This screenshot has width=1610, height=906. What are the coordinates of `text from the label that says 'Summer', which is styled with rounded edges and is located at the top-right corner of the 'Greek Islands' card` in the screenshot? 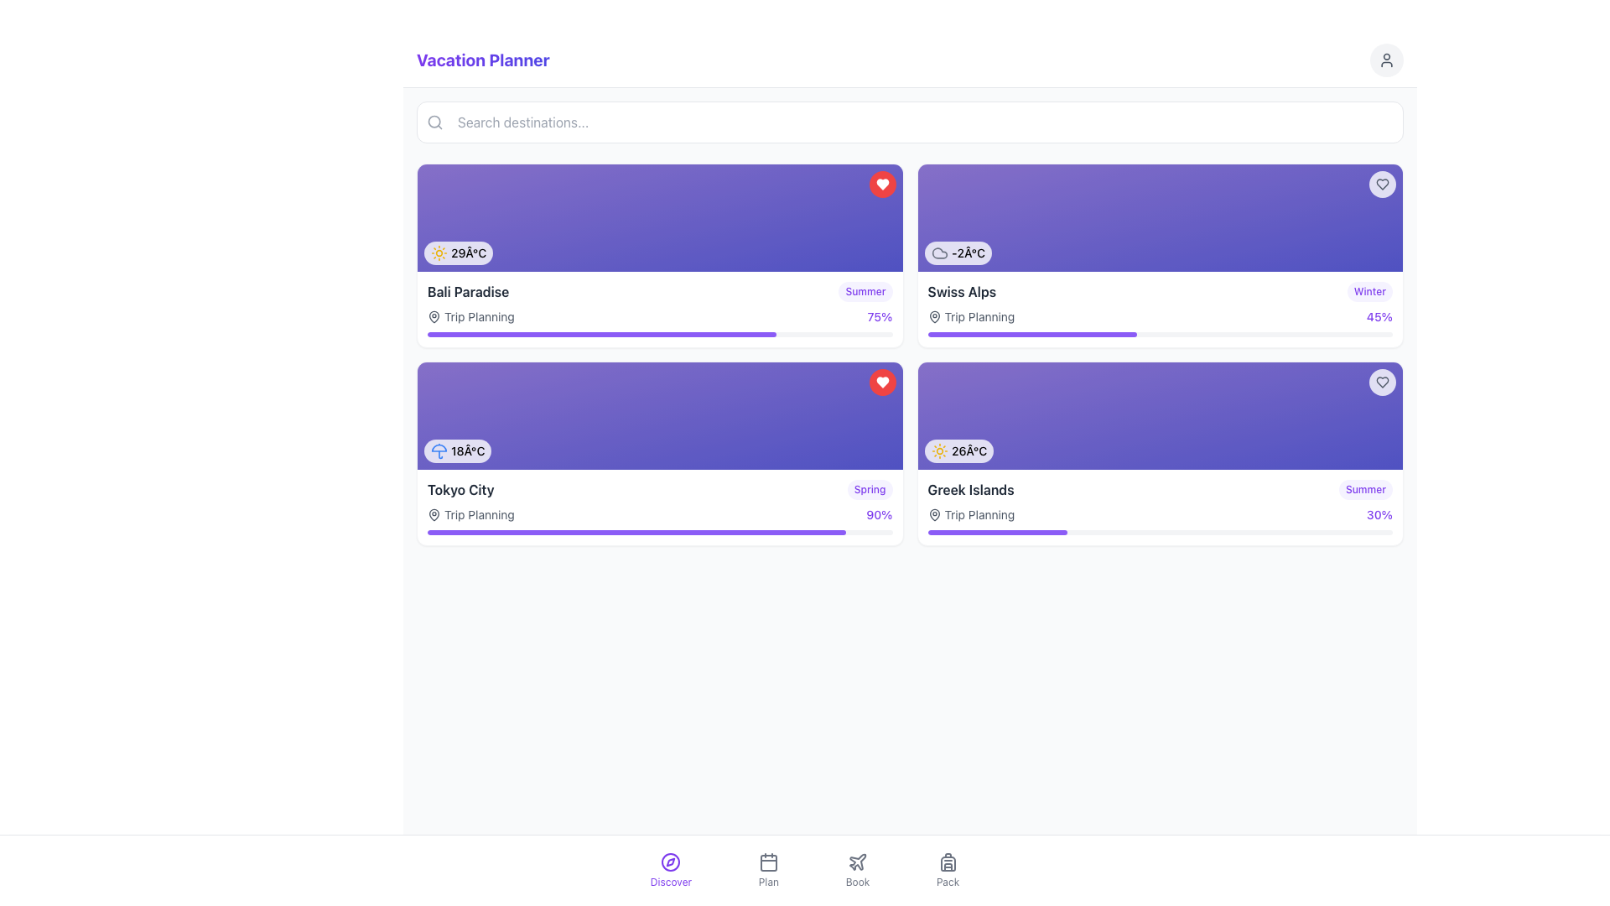 It's located at (1365, 489).